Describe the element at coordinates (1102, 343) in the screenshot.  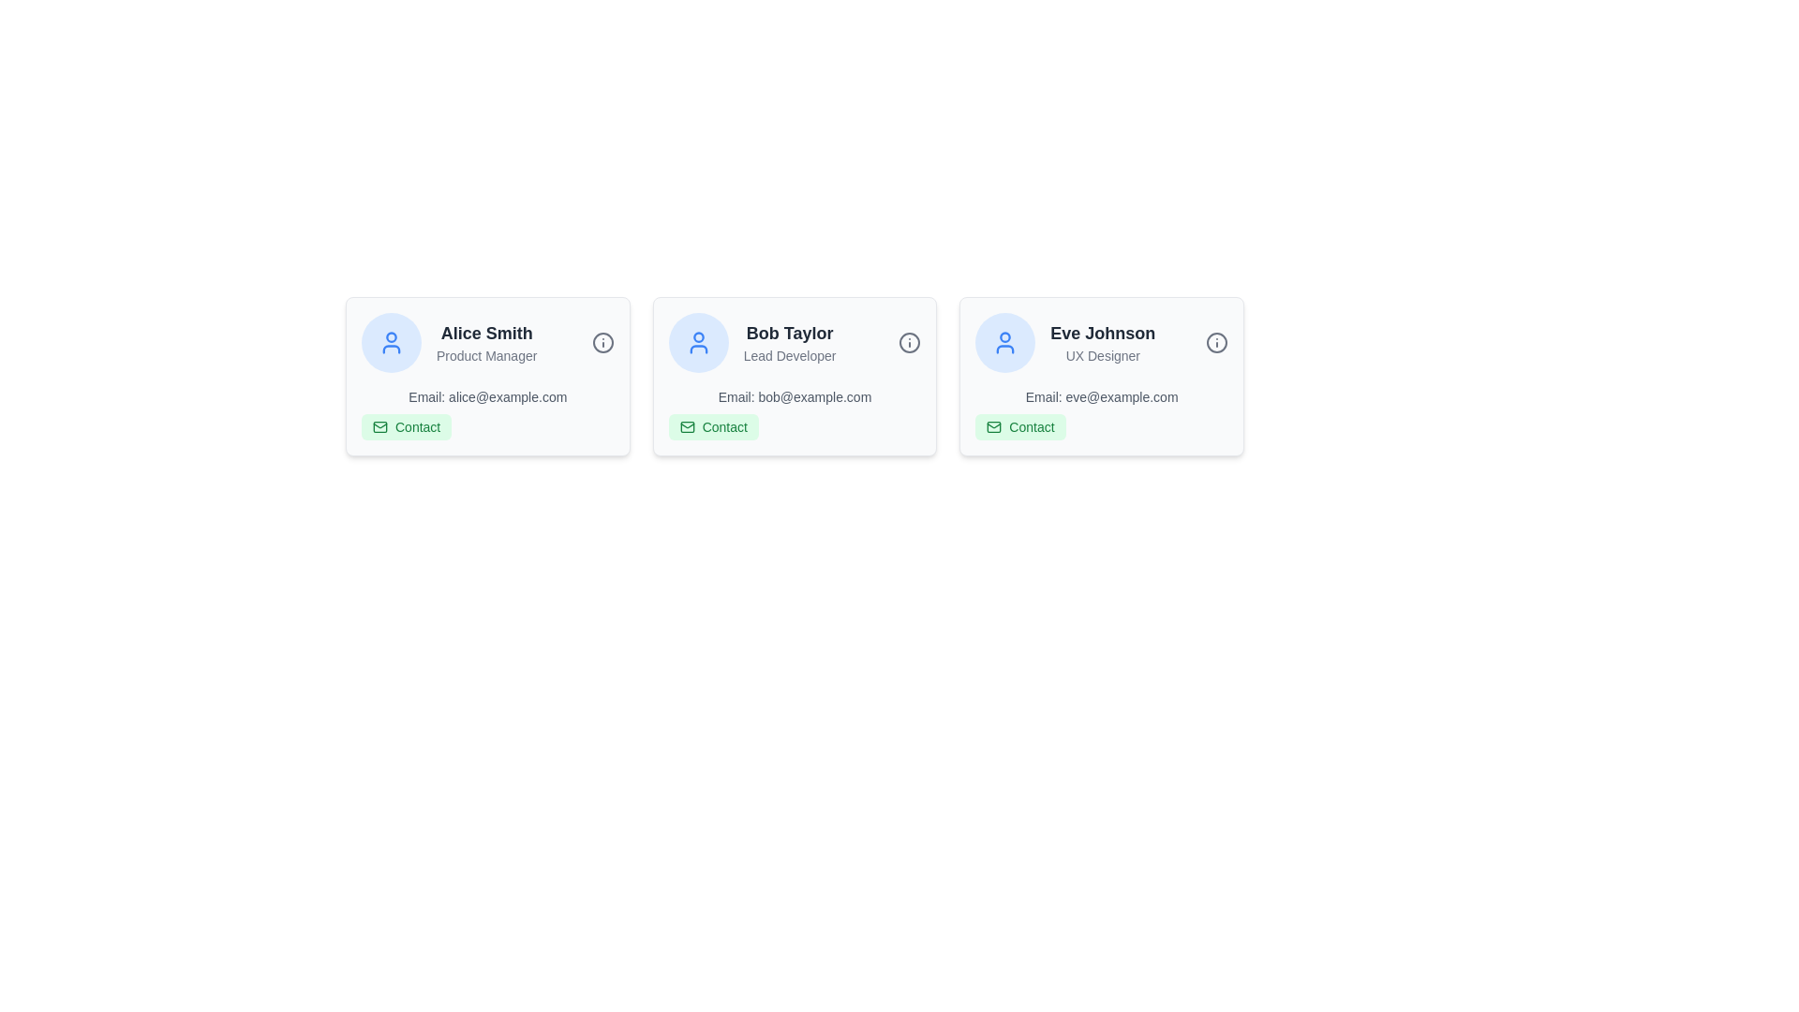
I see `the Profile header section, which displays the user's avatar, name, and role, located in the third card of three horizontally arranged cards` at that location.